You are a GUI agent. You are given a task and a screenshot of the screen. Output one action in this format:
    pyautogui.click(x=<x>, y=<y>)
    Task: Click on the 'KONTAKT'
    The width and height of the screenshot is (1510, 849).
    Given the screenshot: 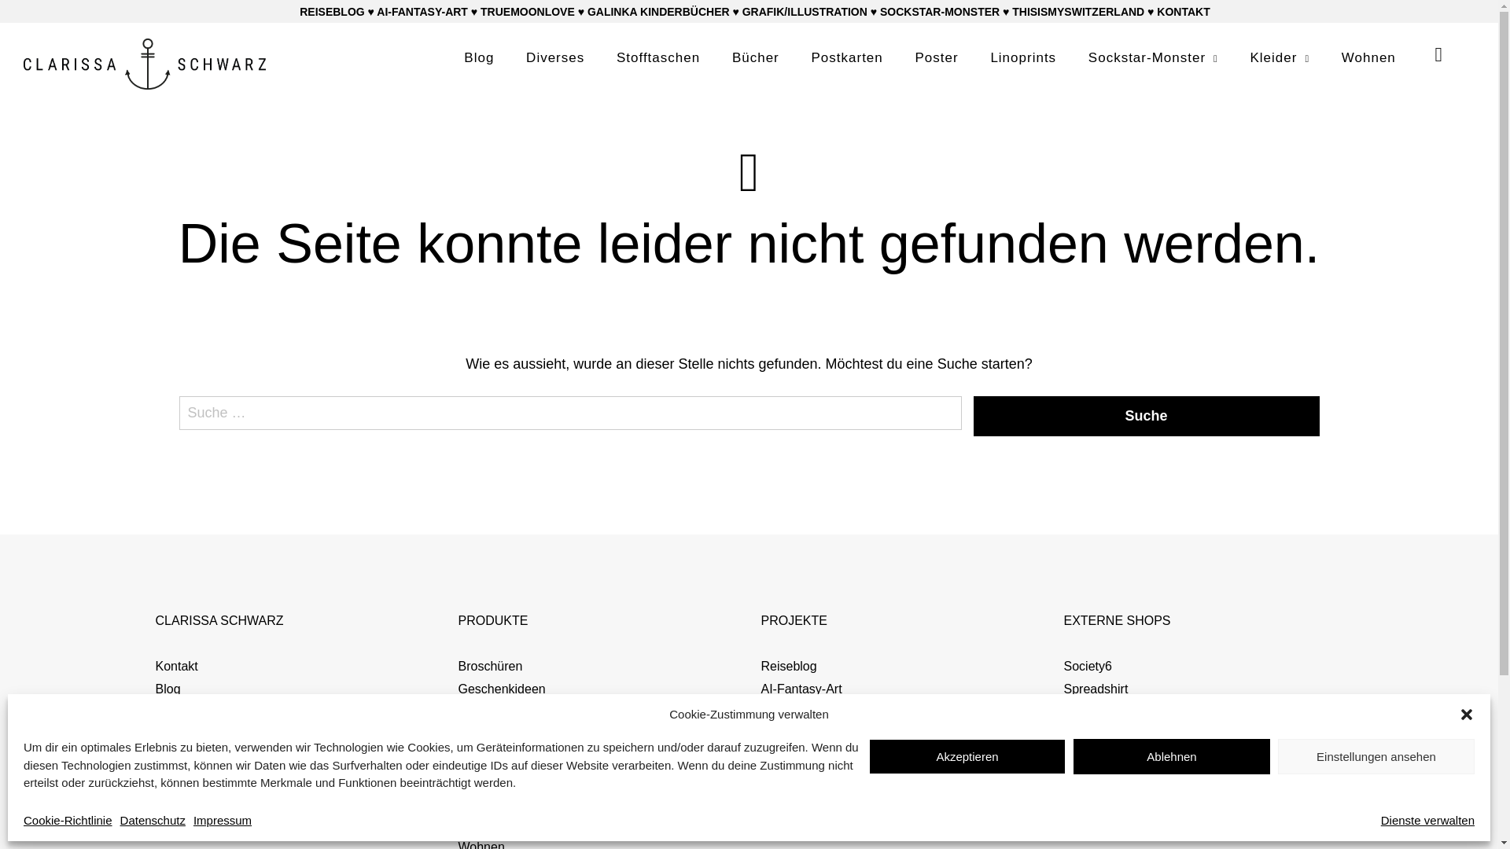 What is the action you would take?
    pyautogui.click(x=1183, y=12)
    